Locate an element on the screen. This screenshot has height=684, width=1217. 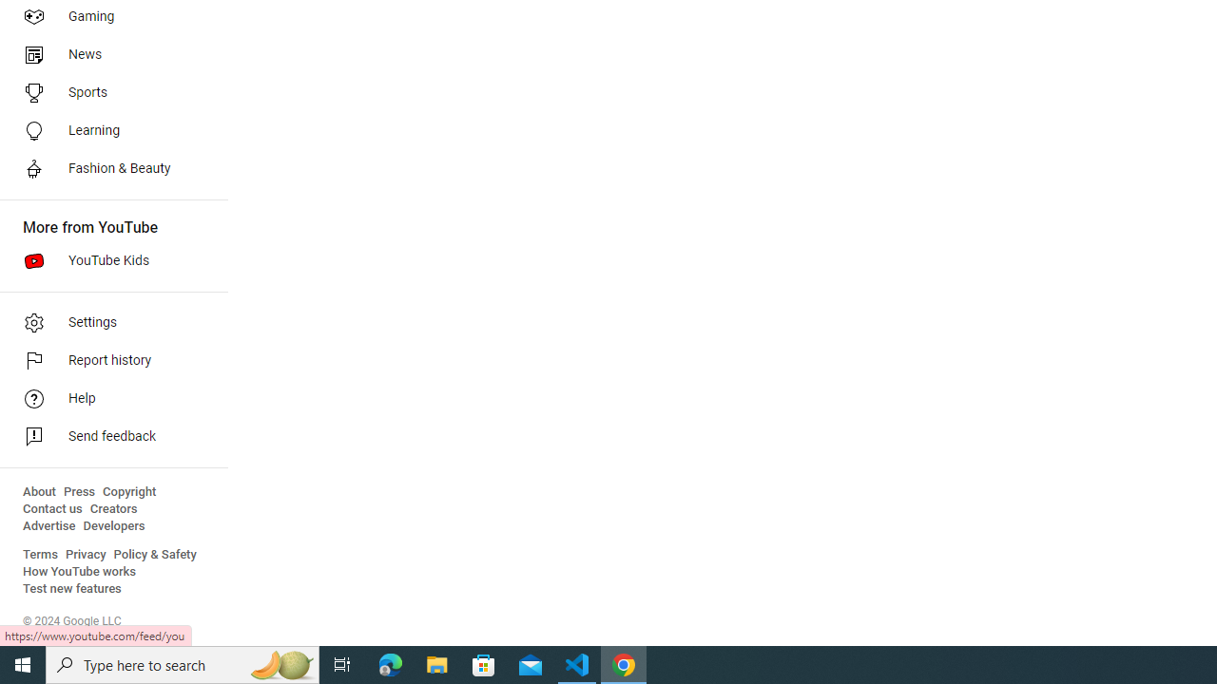
'About' is located at coordinates (39, 491).